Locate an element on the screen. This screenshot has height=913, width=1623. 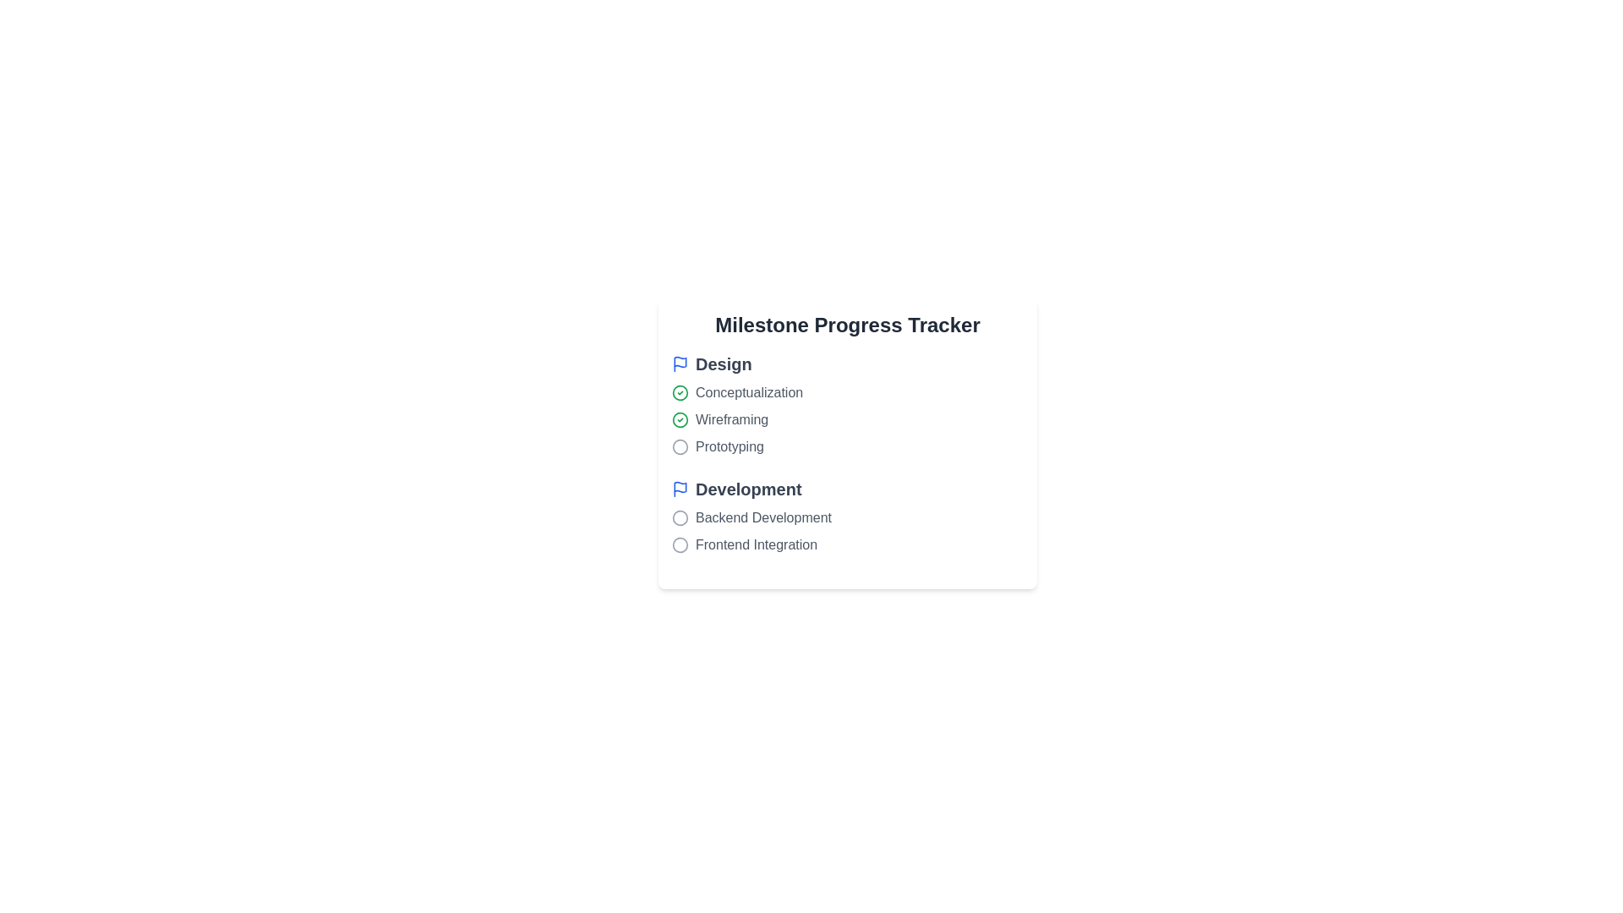
the second milestone item in the 'Development' section of the milestone progress tracker is located at coordinates (848, 530).